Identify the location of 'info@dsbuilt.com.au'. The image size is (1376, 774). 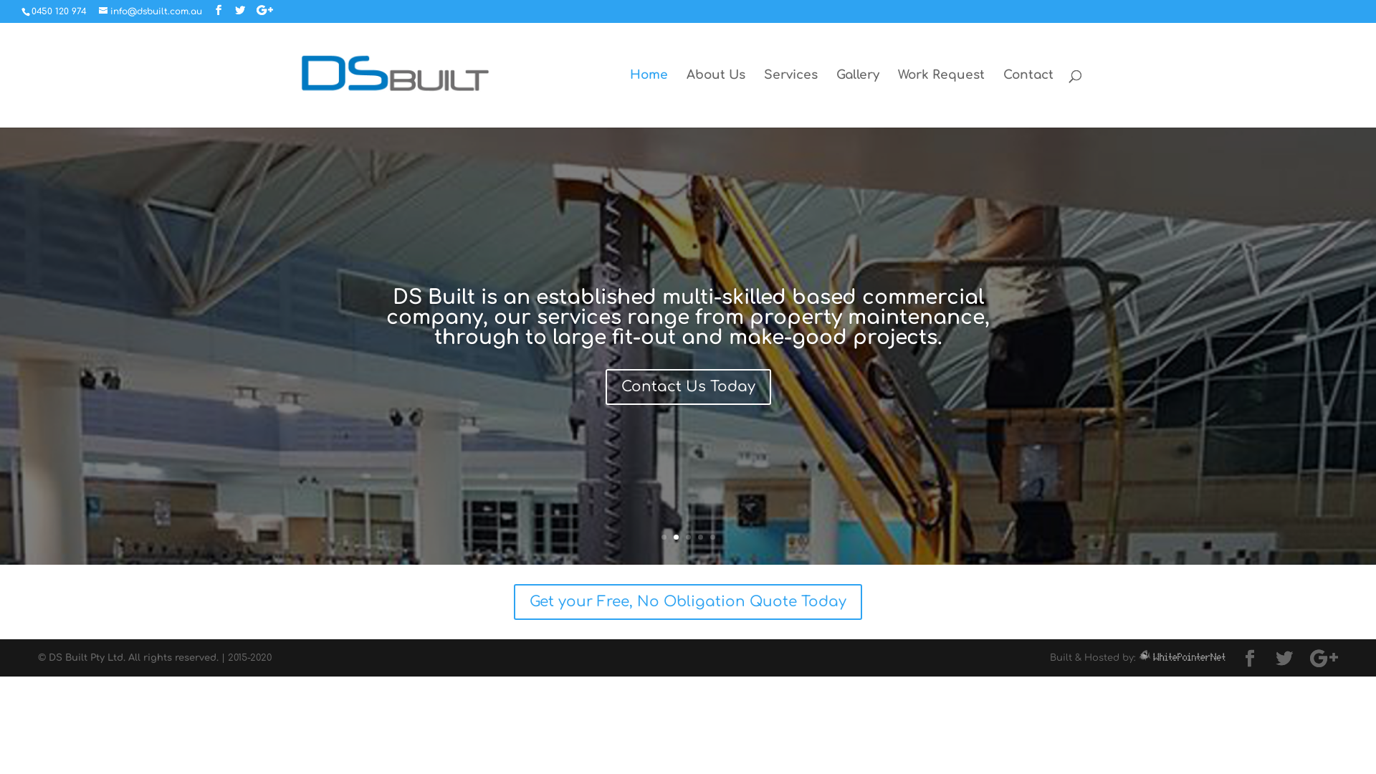
(150, 11).